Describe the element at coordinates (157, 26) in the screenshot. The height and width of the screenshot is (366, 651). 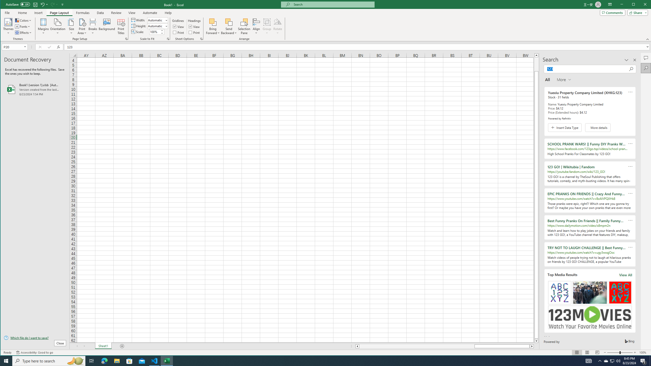
I see `'Height'` at that location.